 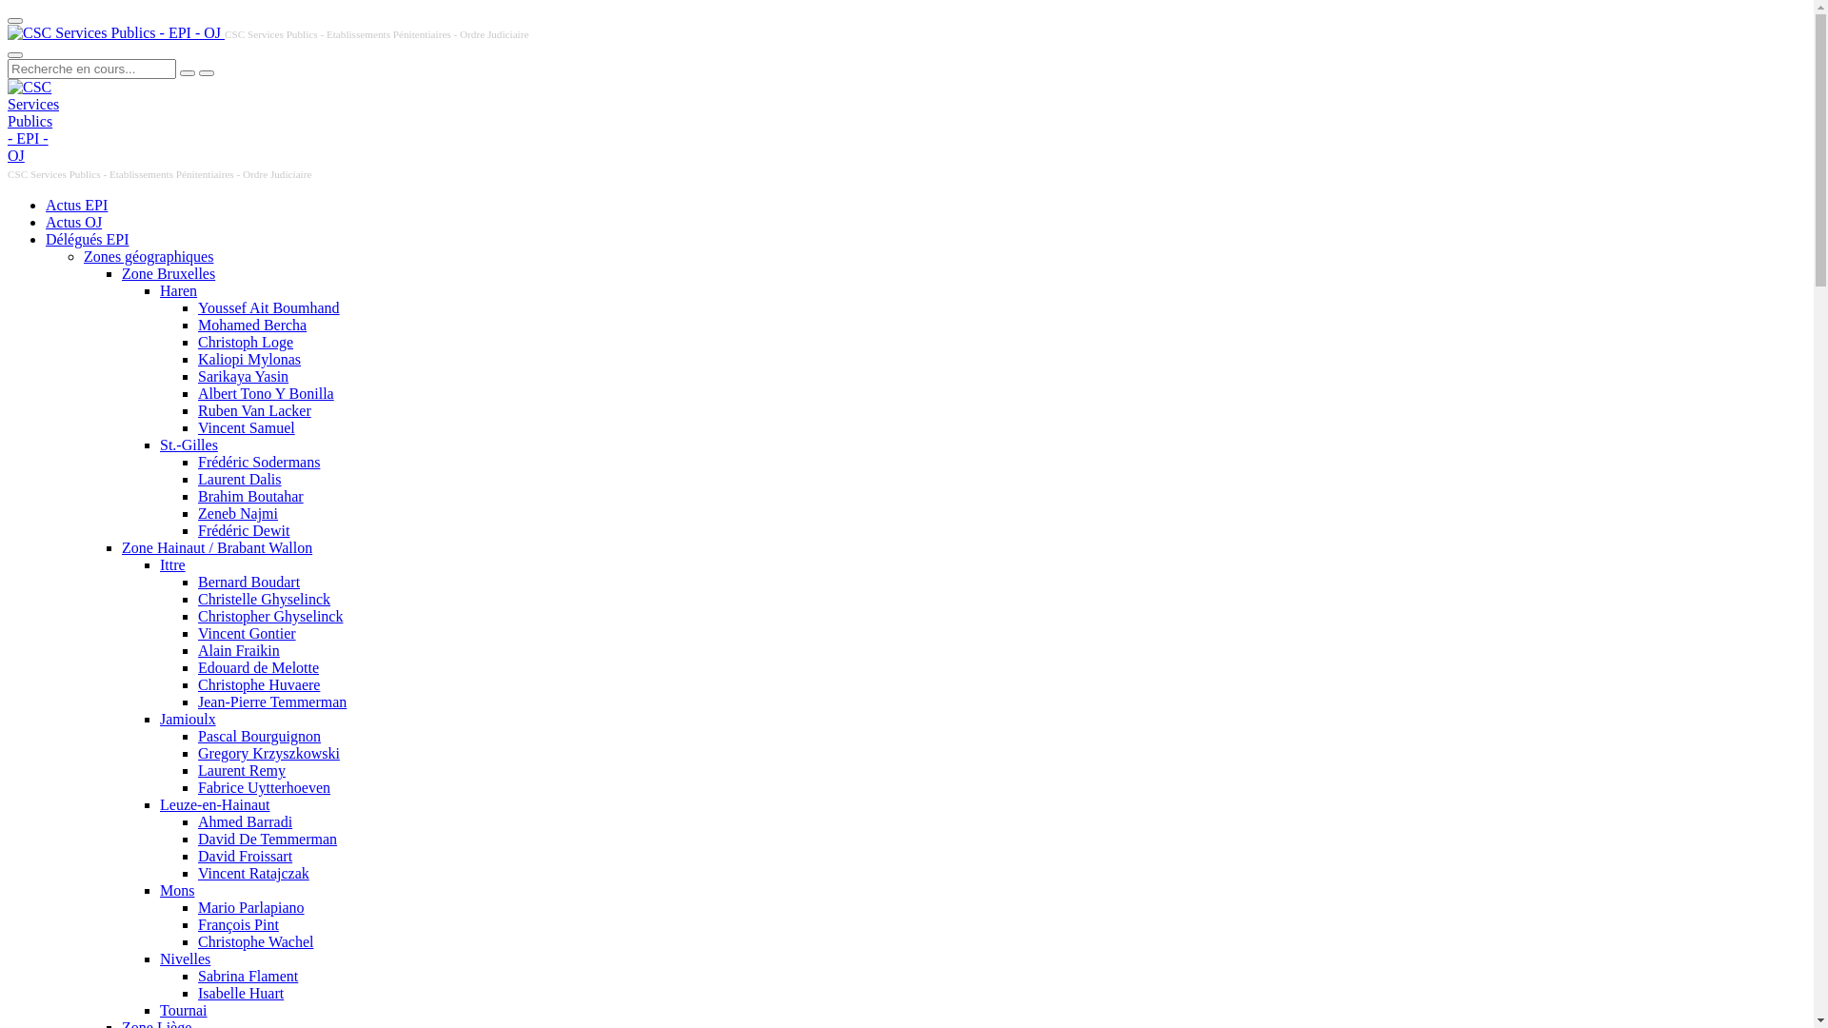 What do you see at coordinates (197, 787) in the screenshot?
I see `'Fabrice Uytterhoeven'` at bounding box center [197, 787].